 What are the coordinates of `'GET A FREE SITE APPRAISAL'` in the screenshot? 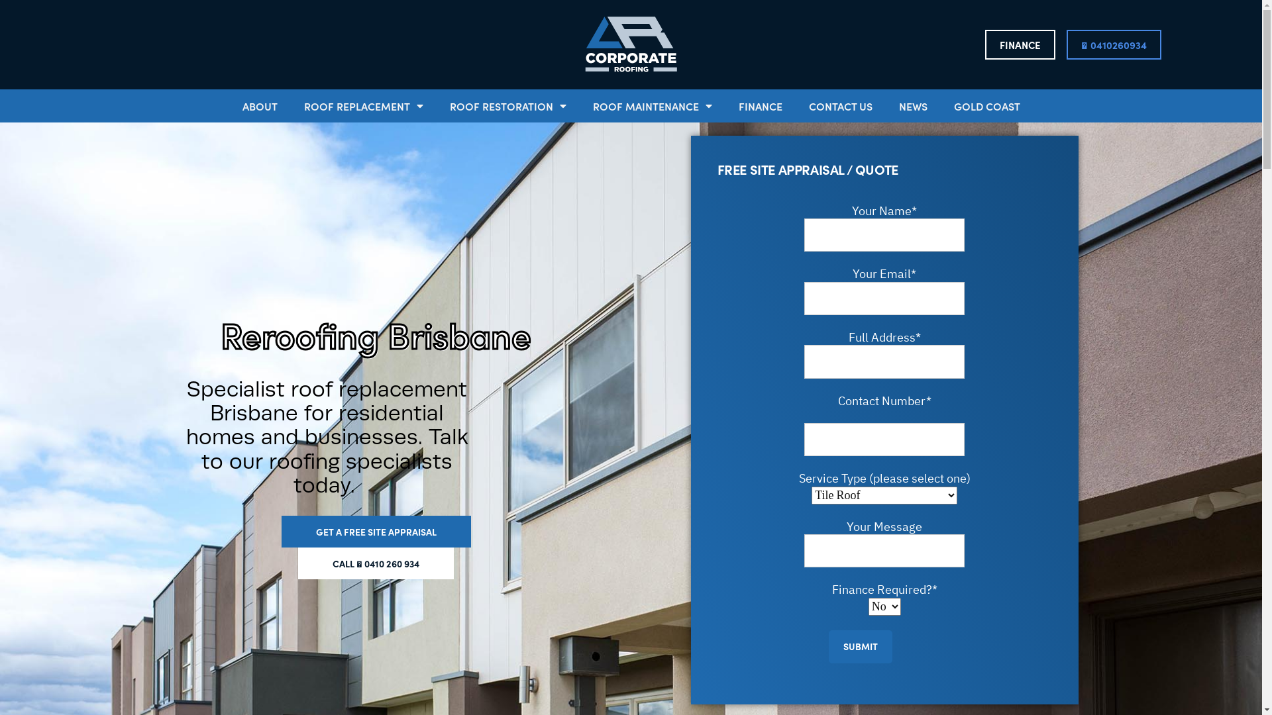 It's located at (374, 530).